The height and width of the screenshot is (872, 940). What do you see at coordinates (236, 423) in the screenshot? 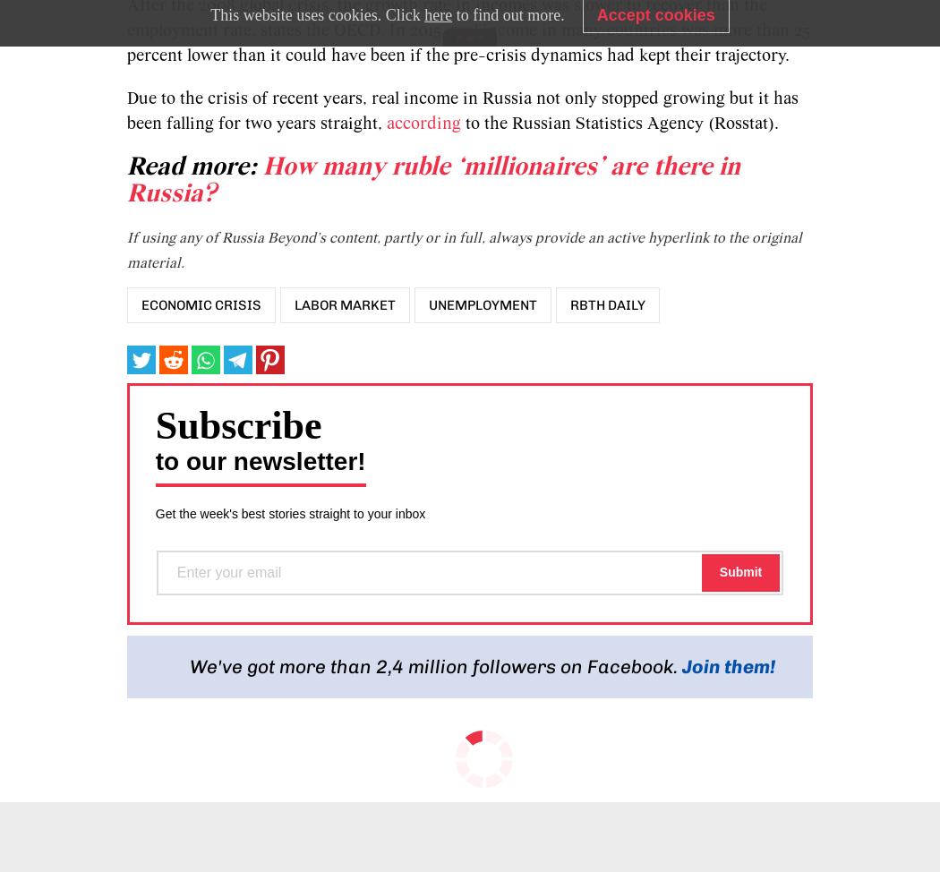
I see `'Subscribe'` at bounding box center [236, 423].